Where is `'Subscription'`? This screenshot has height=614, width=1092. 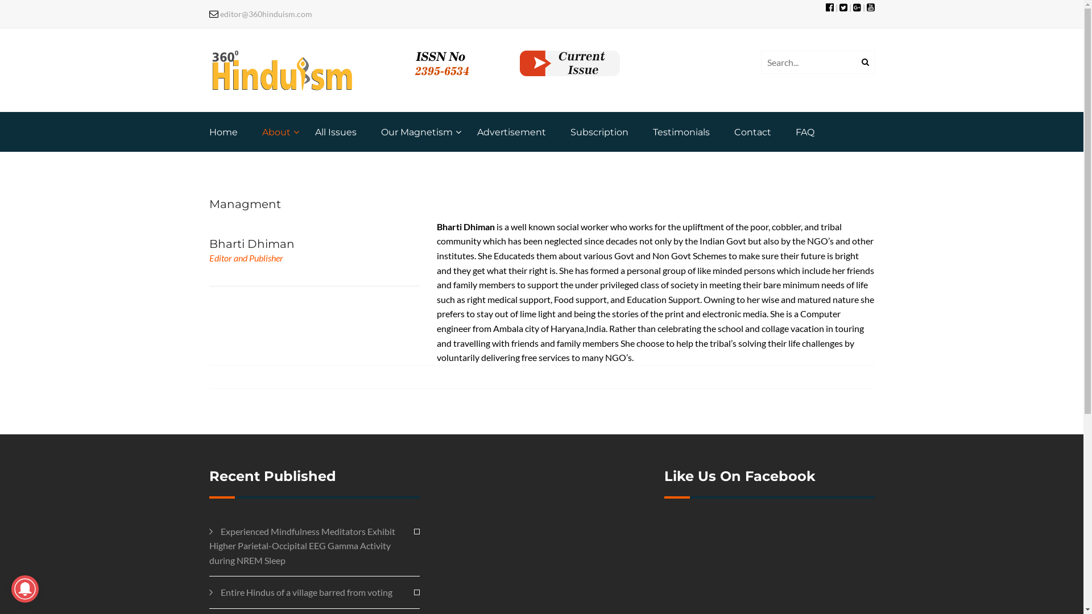
'Subscription' is located at coordinates (598, 131).